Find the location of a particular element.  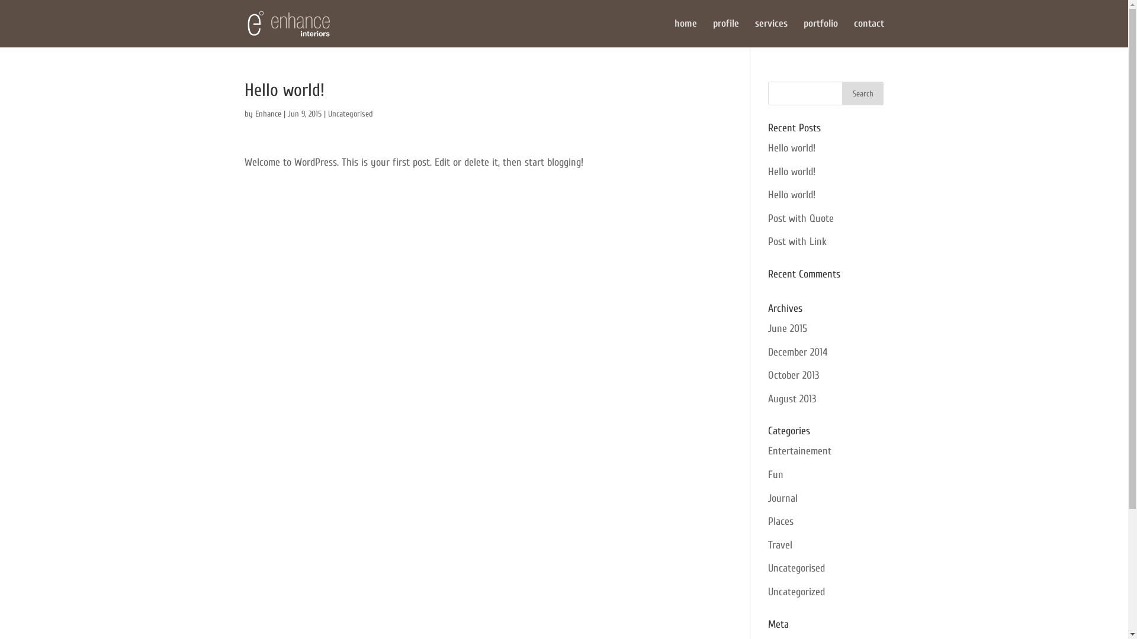

'home' is located at coordinates (685, 33).